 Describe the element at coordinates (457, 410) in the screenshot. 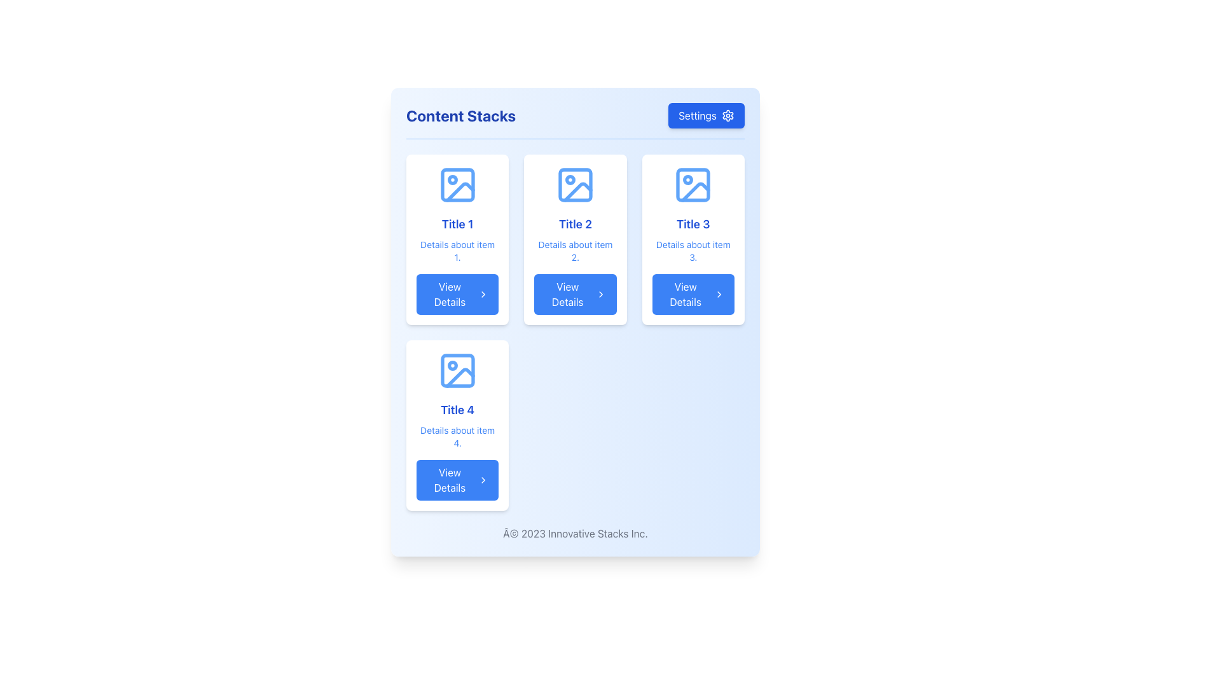

I see `the text label that reads 'Title 4', which is styled in bold, larger font size, and blue color, located in the bottom-left card of a 2x2 grid, positioned below an icon and above a descriptive text line and a button` at that location.